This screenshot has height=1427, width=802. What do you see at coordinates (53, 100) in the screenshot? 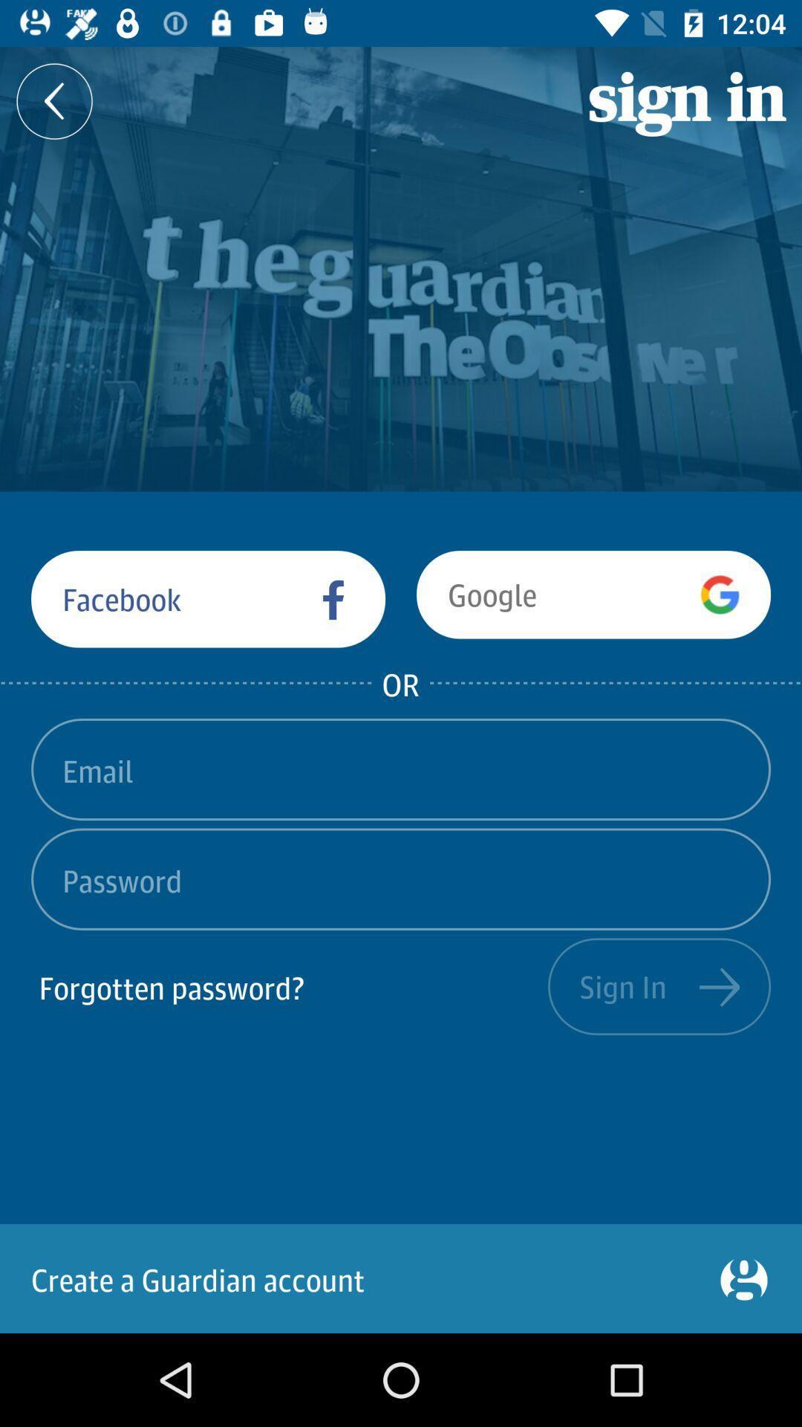
I see `the arrow_backward icon` at bounding box center [53, 100].